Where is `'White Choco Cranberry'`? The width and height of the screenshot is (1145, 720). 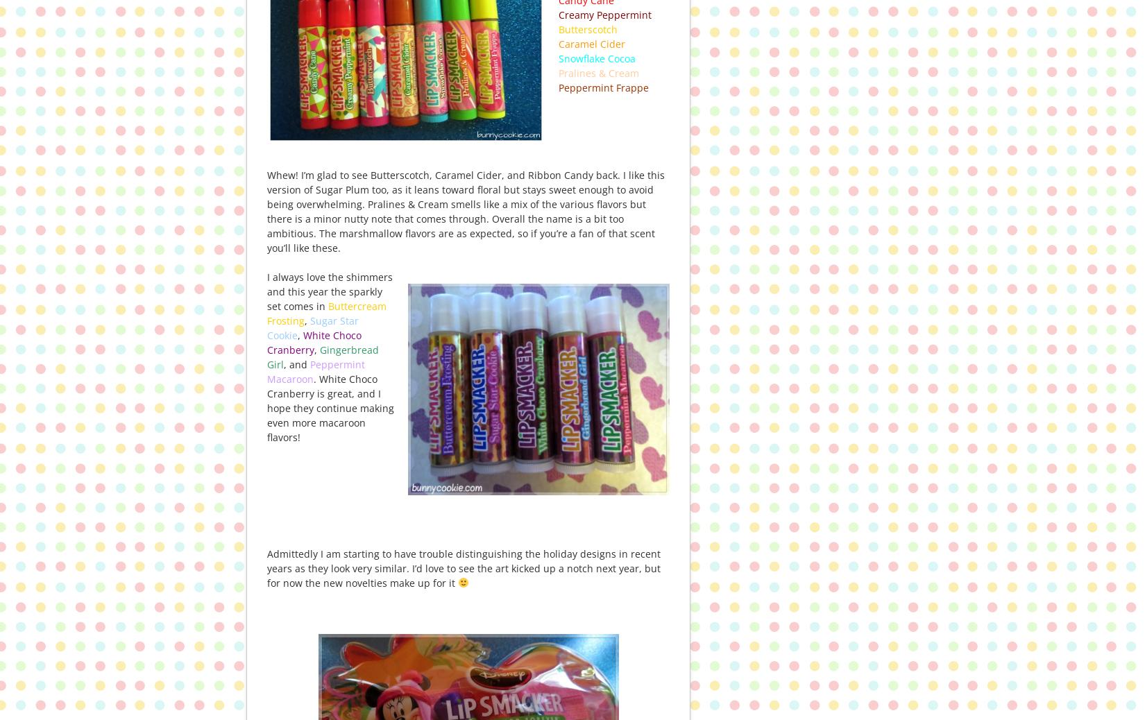
'White Choco Cranberry' is located at coordinates (313, 342).